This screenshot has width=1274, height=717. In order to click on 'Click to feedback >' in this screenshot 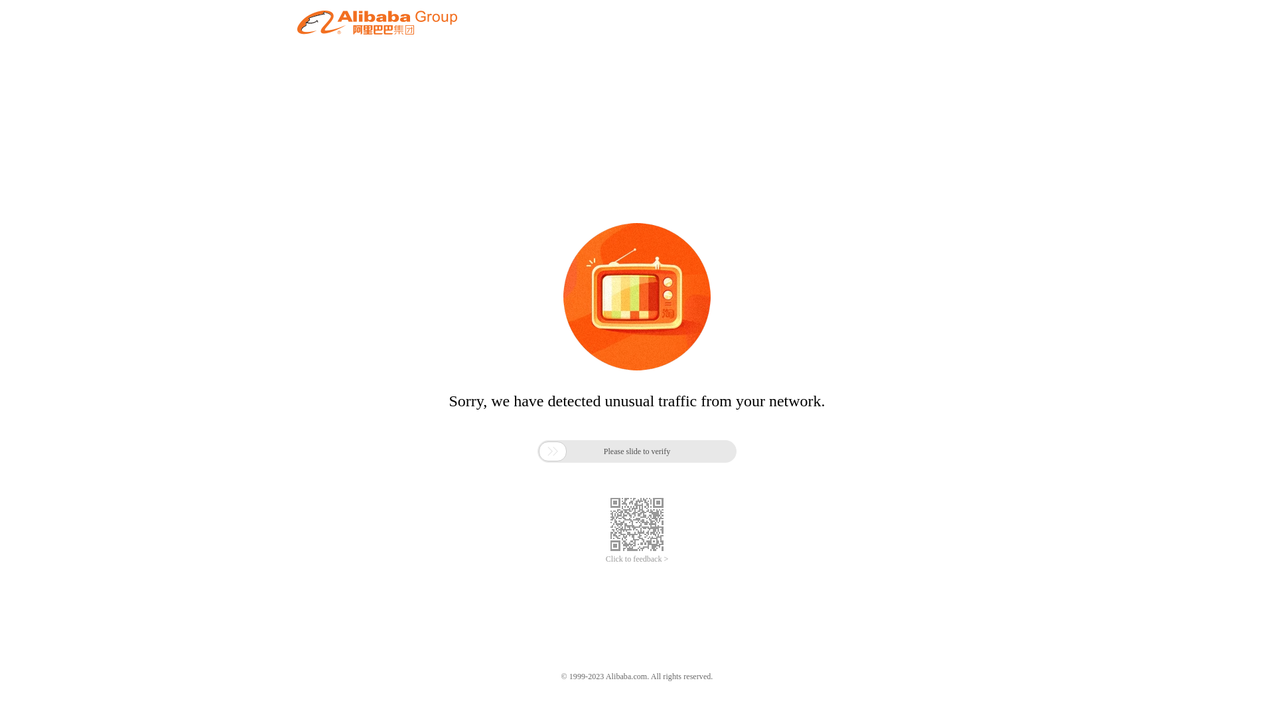, I will do `click(637, 559)`.